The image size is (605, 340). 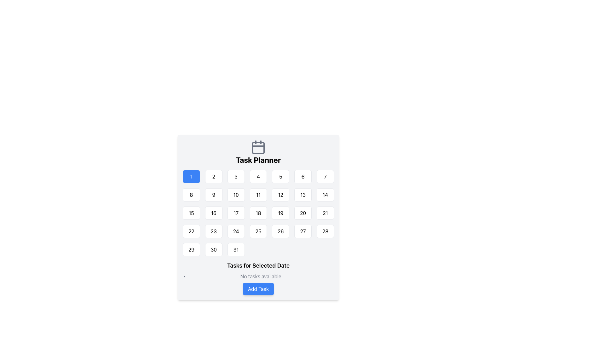 I want to click on the button representing the 14th day in the calendar interface, so click(x=325, y=194).